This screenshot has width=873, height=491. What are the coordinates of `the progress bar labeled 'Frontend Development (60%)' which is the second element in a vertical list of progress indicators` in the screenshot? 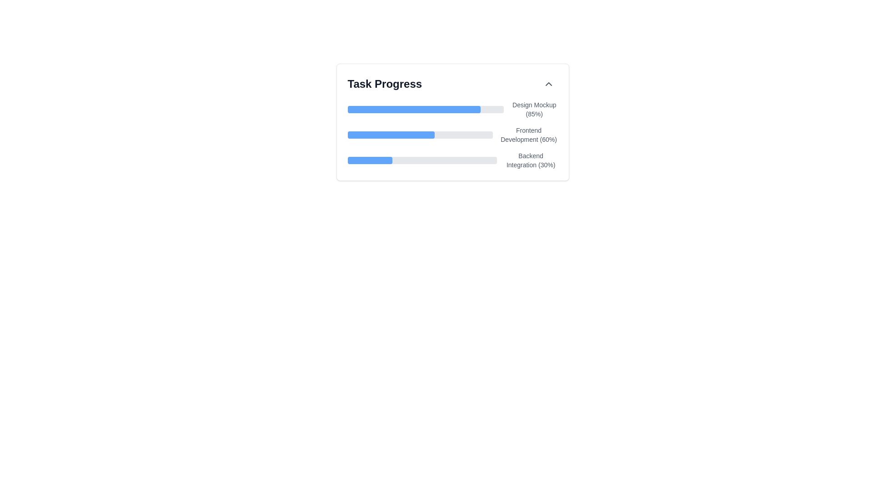 It's located at (452, 135).